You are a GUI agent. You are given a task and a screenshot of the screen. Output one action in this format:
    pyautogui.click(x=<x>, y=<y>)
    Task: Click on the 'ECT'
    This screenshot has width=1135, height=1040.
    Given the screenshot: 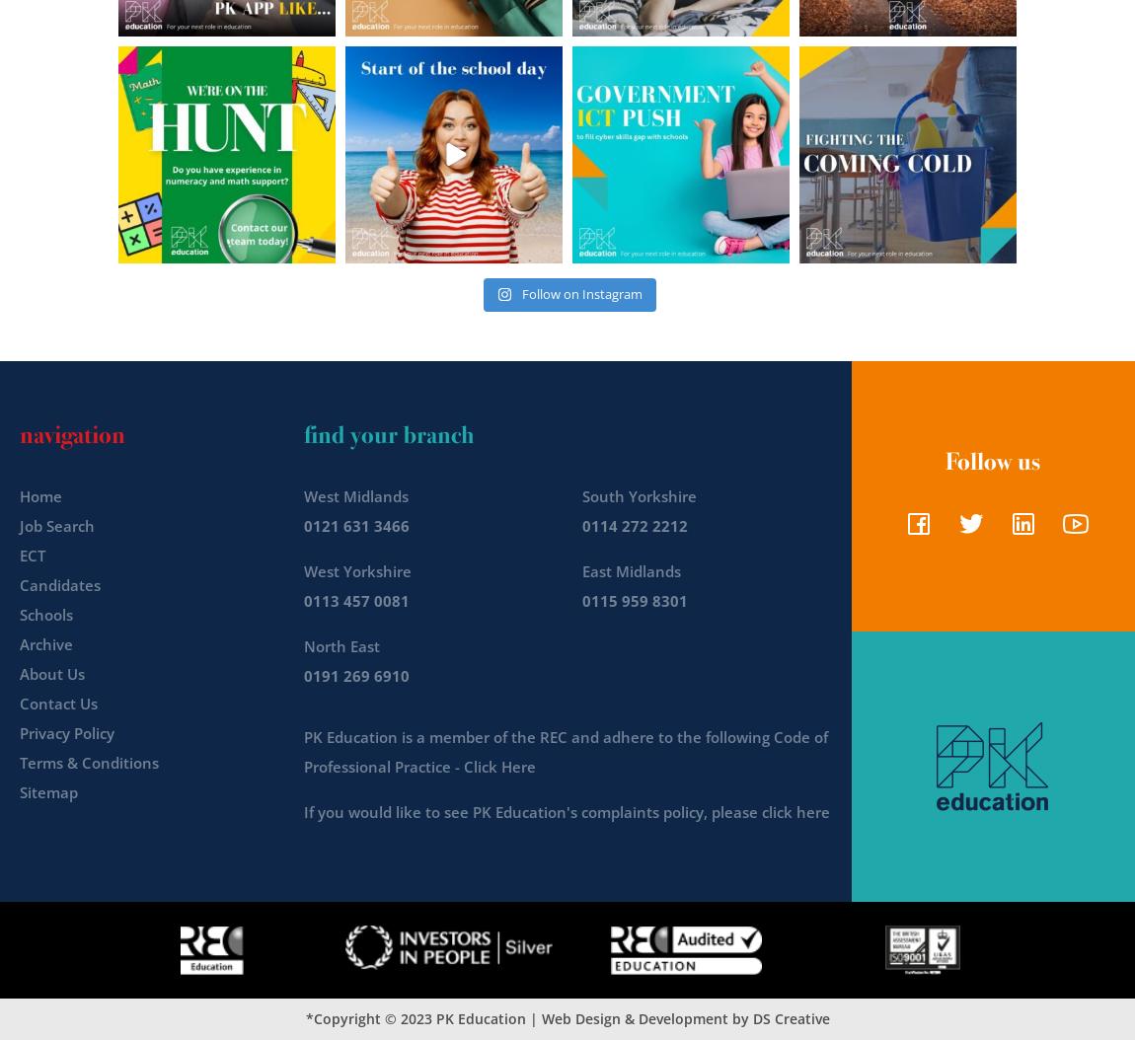 What is the action you would take?
    pyautogui.click(x=32, y=554)
    